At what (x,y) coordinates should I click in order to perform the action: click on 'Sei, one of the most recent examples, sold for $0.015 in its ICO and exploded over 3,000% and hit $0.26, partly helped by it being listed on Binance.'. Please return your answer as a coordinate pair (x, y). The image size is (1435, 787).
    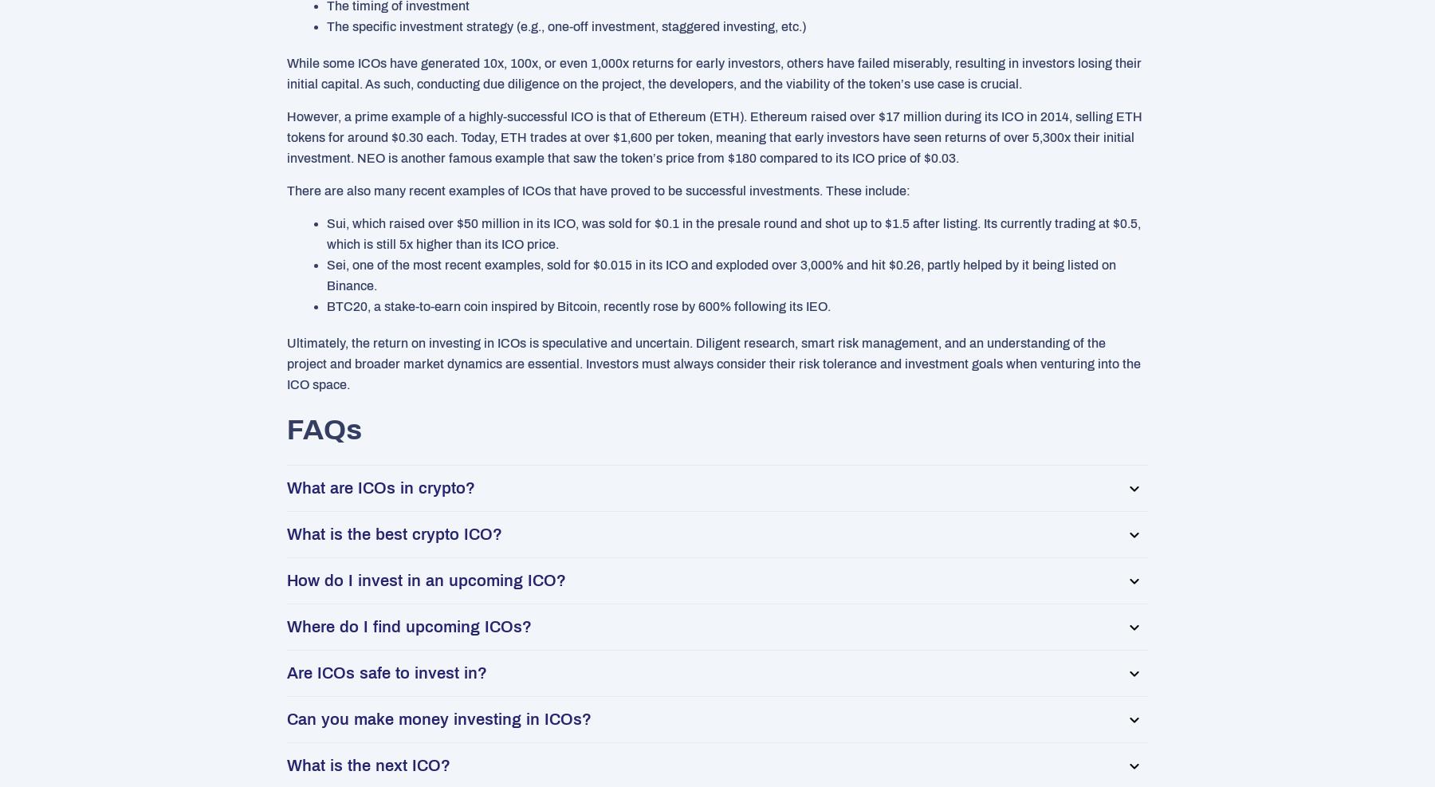
    Looking at the image, I should click on (721, 274).